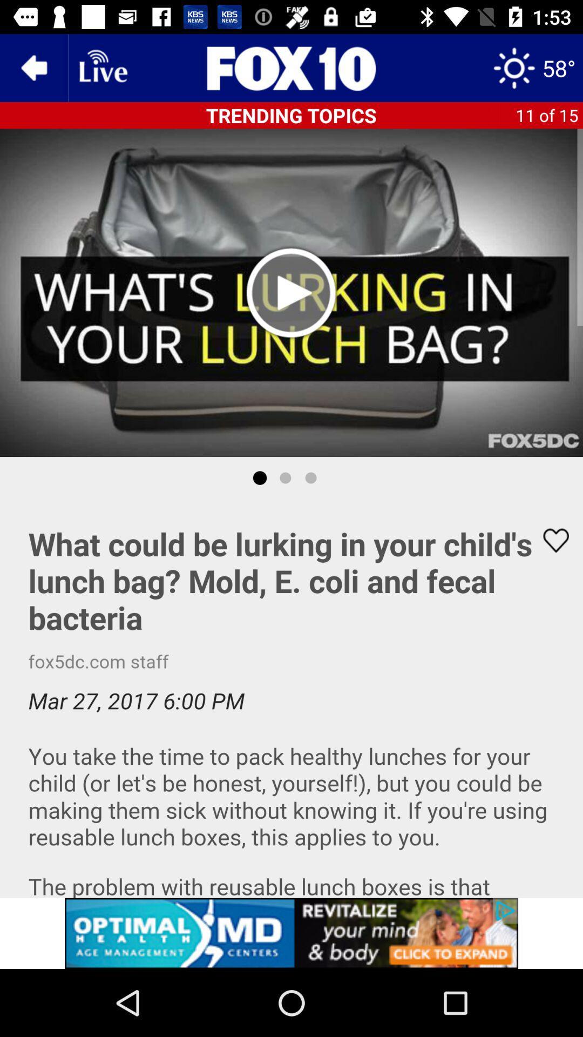 This screenshot has width=583, height=1037. Describe the element at coordinates (549, 540) in the screenshot. I see `the favorite icon` at that location.